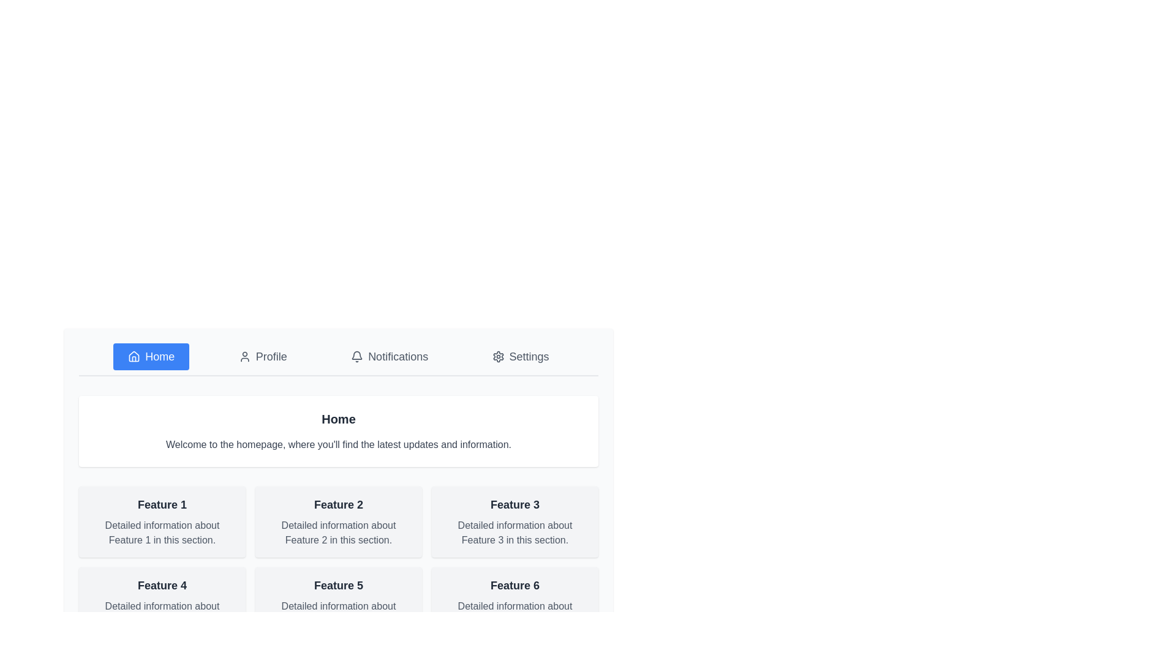  Describe the element at coordinates (161, 521) in the screenshot. I see `the Informational card titled 'Feature 1', which is a rectangular card with a light gray background and rounded corners located at the top-left of the grid layout` at that location.